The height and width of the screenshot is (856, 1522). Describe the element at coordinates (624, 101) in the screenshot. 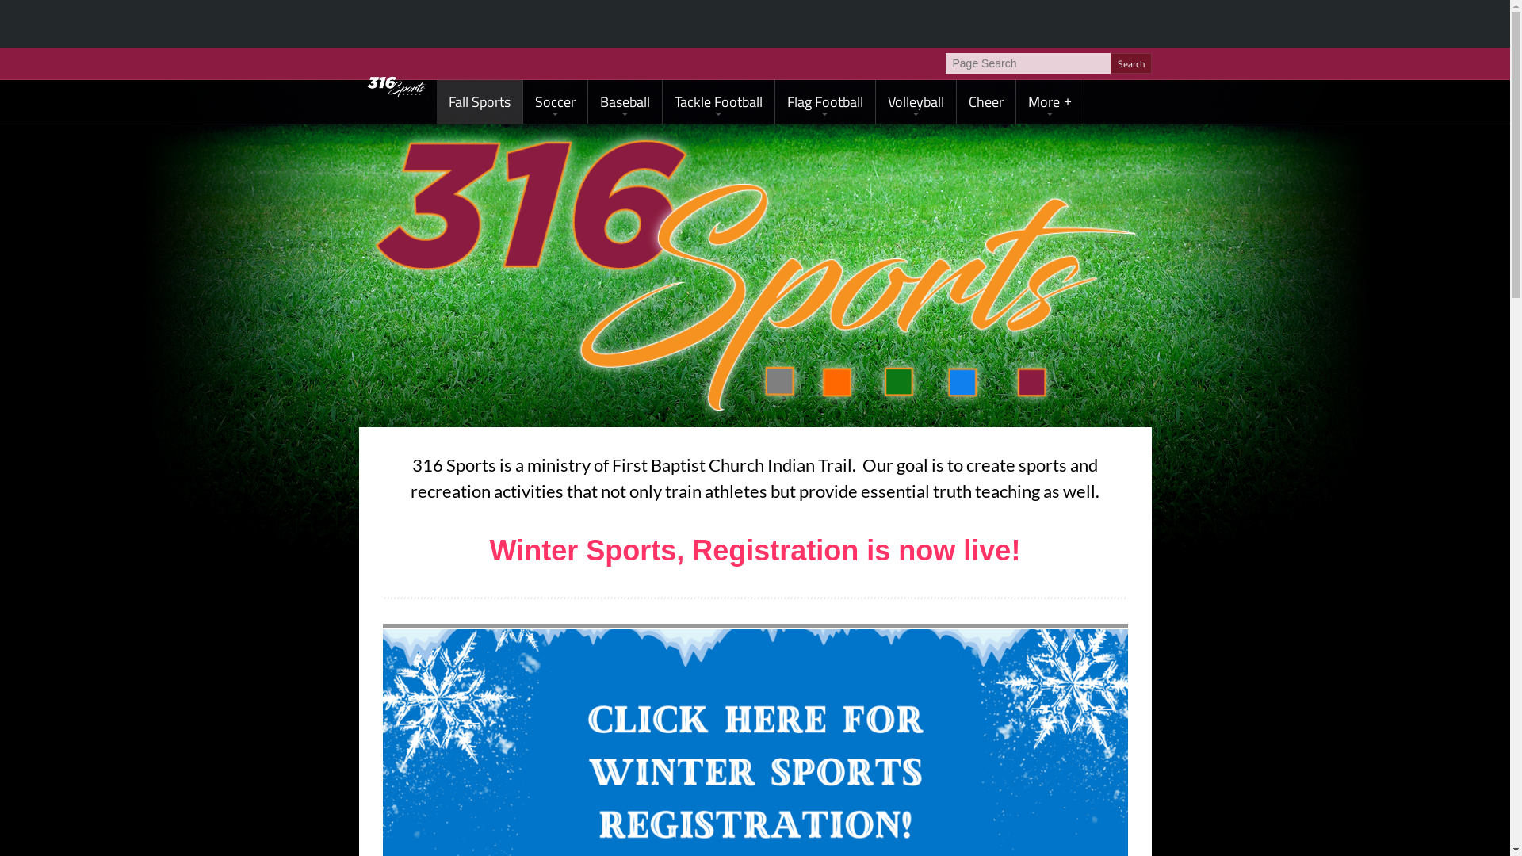

I see `'Baseball'` at that location.